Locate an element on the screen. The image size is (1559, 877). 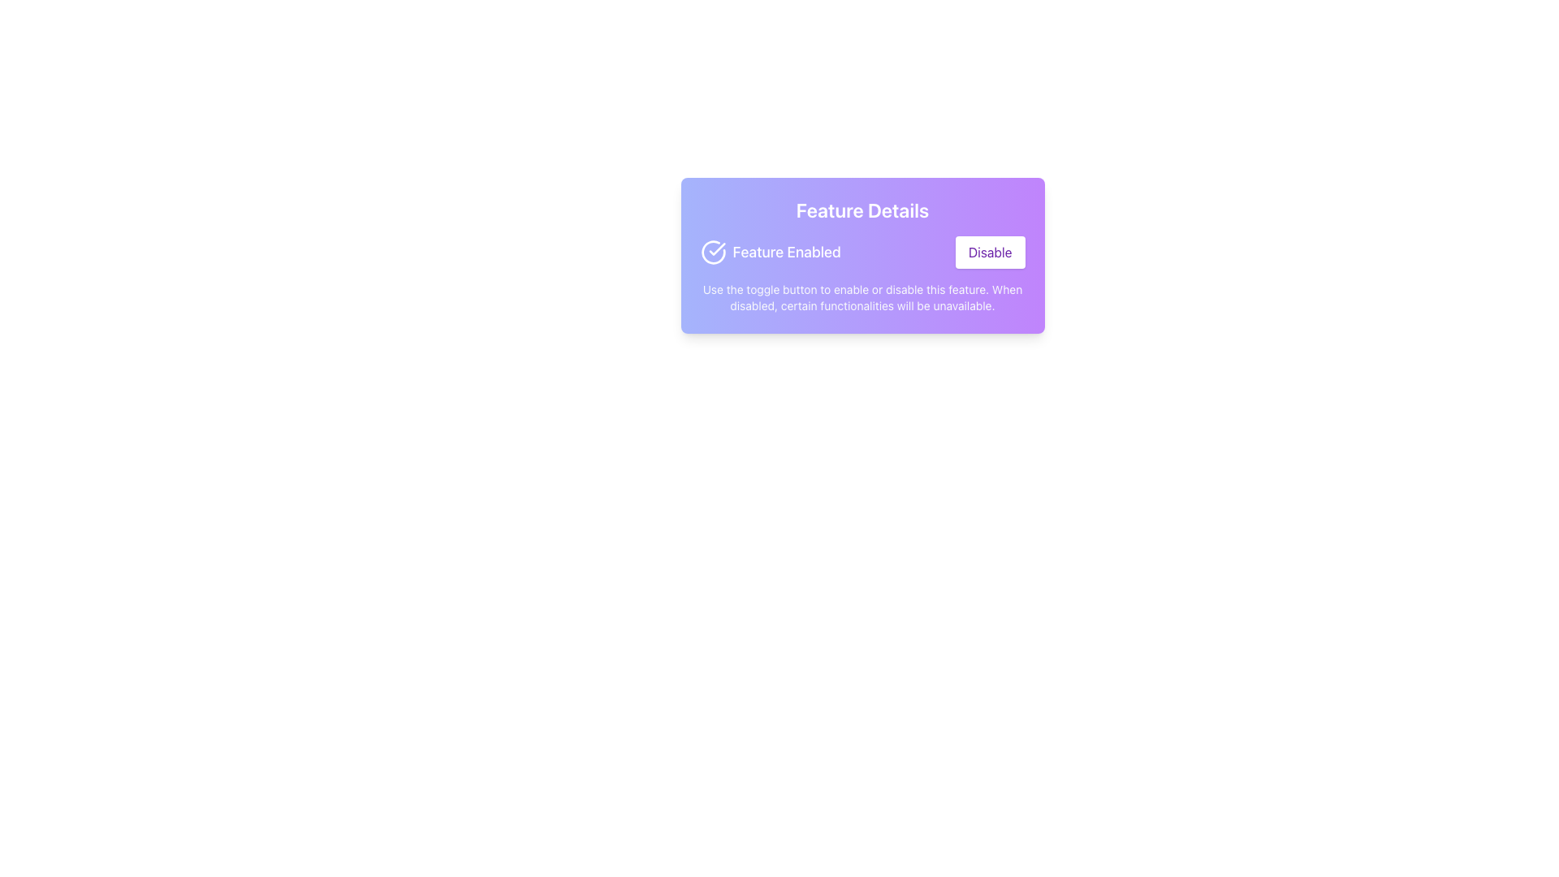
explanatory text located at the bottom section of the 'Feature Details' card, which provides information about the toggle button functionality and its implications is located at coordinates (862, 297).